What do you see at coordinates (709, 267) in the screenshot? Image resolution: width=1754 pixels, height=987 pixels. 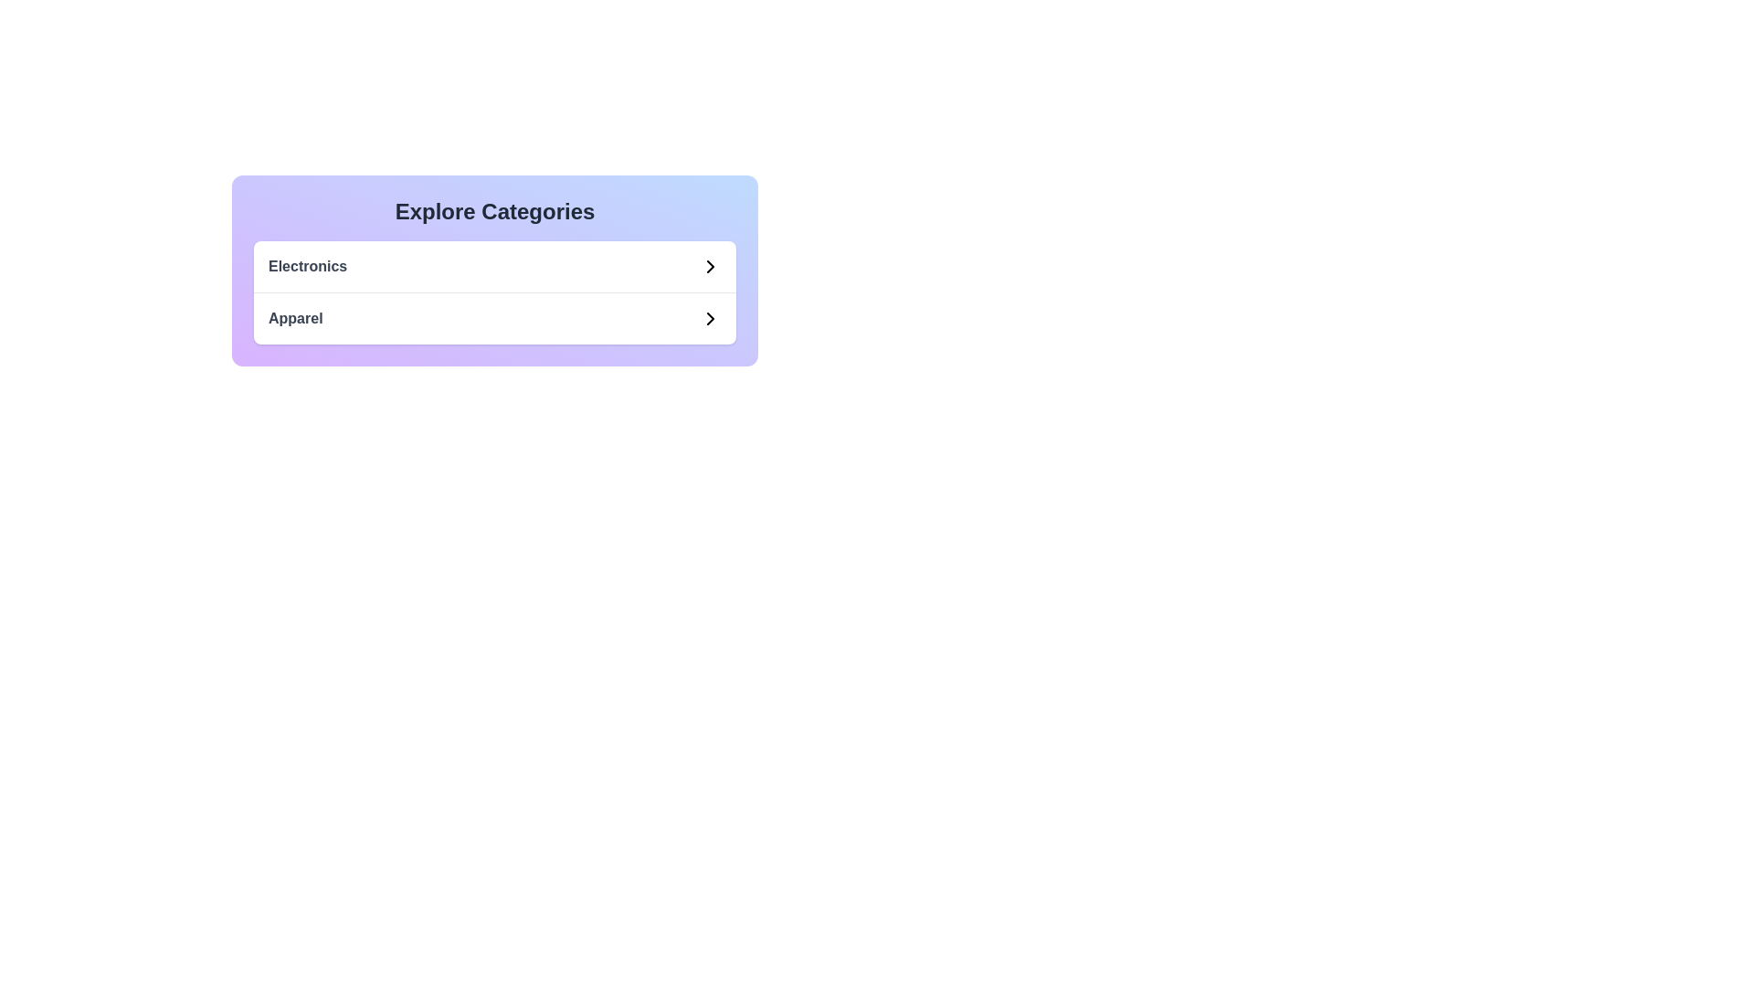 I see `the Chevron icon in the 'Electronics' category row` at bounding box center [709, 267].